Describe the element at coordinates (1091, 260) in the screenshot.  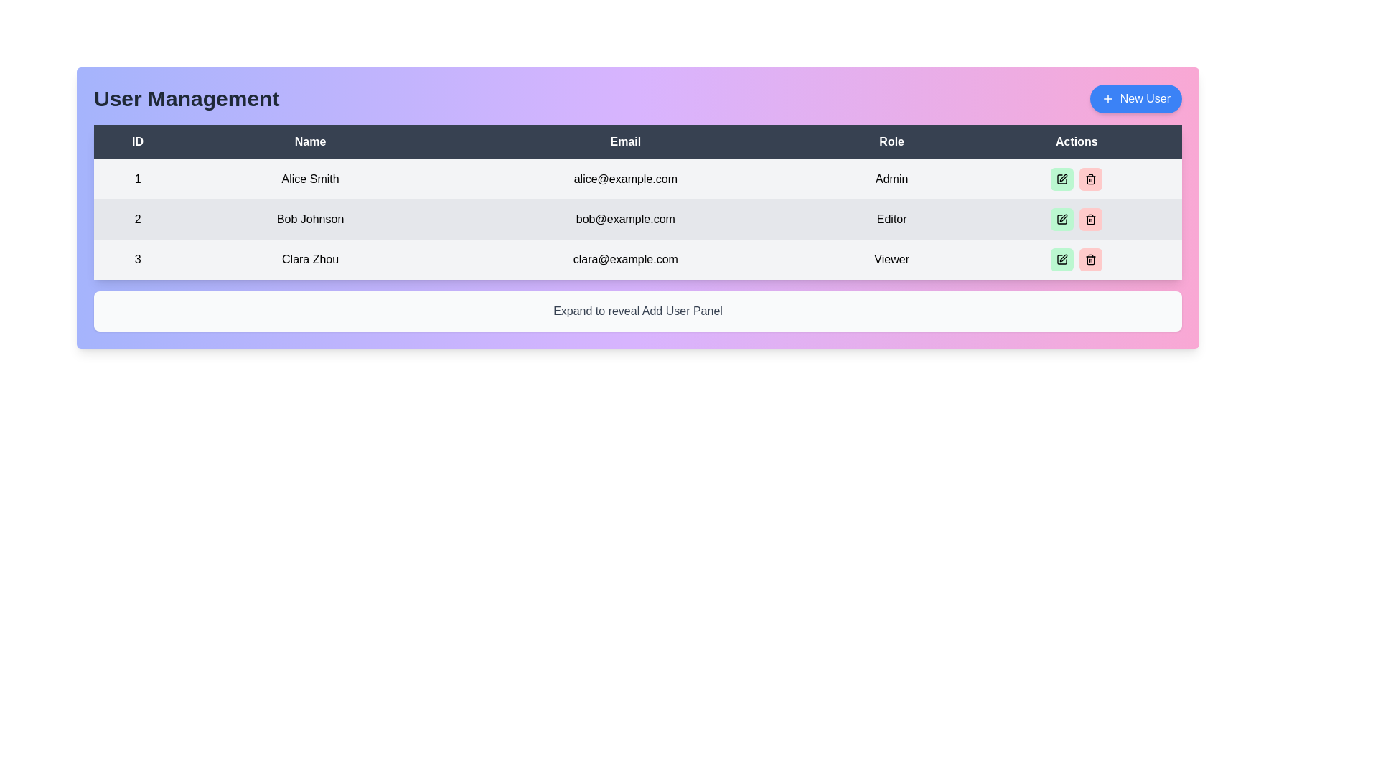
I see `the delete button located` at that location.